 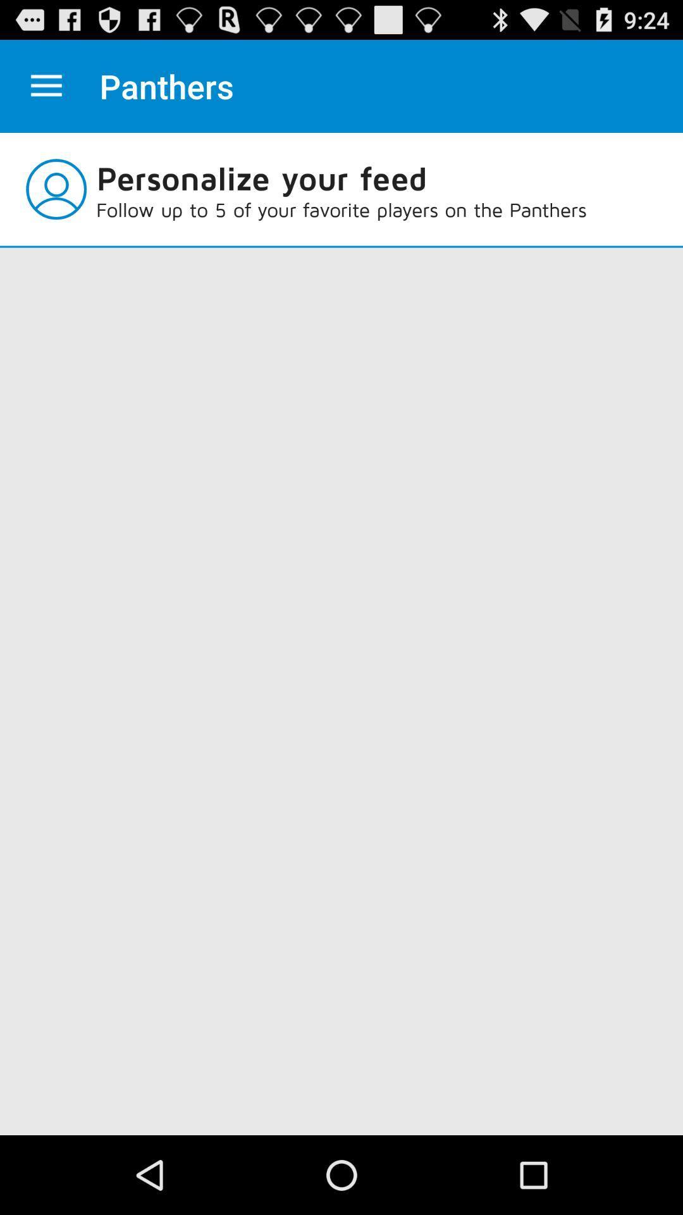 What do you see at coordinates (46, 85) in the screenshot?
I see `open menu` at bounding box center [46, 85].